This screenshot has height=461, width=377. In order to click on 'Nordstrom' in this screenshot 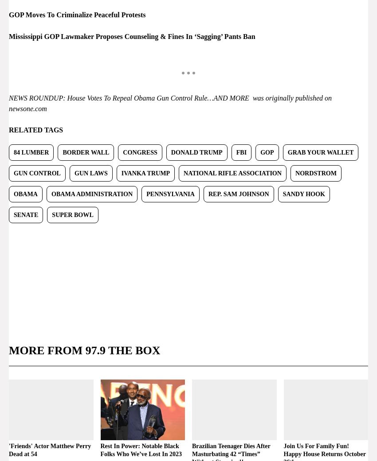, I will do `click(295, 173)`.